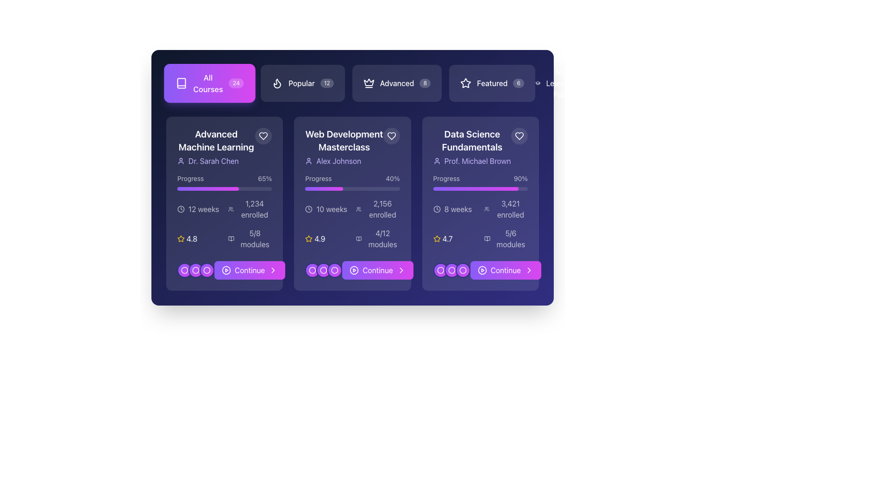 The image size is (889, 500). What do you see at coordinates (250, 238) in the screenshot?
I see `the progress indicator displaying '5/8 modules' with a book icon, located in the lower-right section of the first course card` at bounding box center [250, 238].